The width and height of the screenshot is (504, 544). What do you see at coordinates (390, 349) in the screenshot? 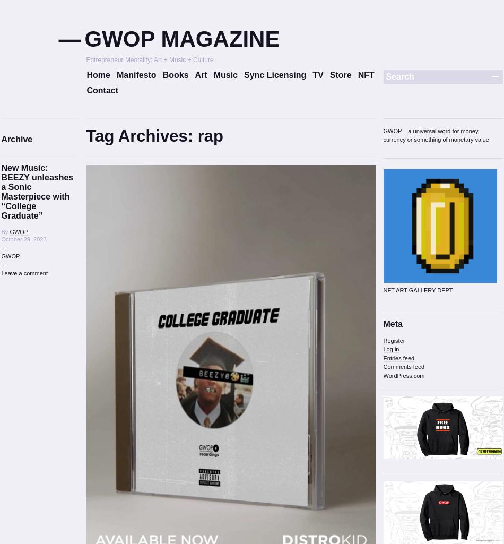
I see `'Log in'` at bounding box center [390, 349].